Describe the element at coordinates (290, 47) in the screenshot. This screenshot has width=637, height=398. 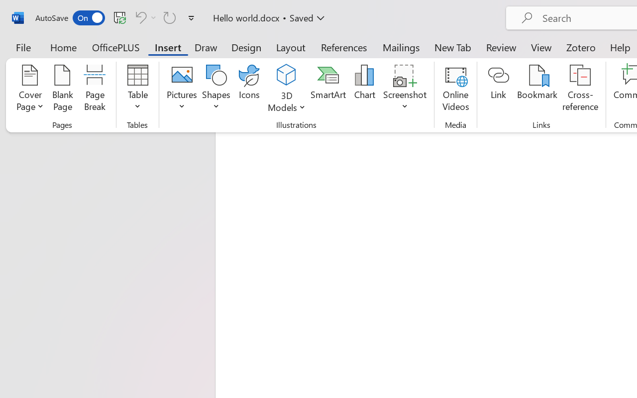
I see `'Layout'` at that location.